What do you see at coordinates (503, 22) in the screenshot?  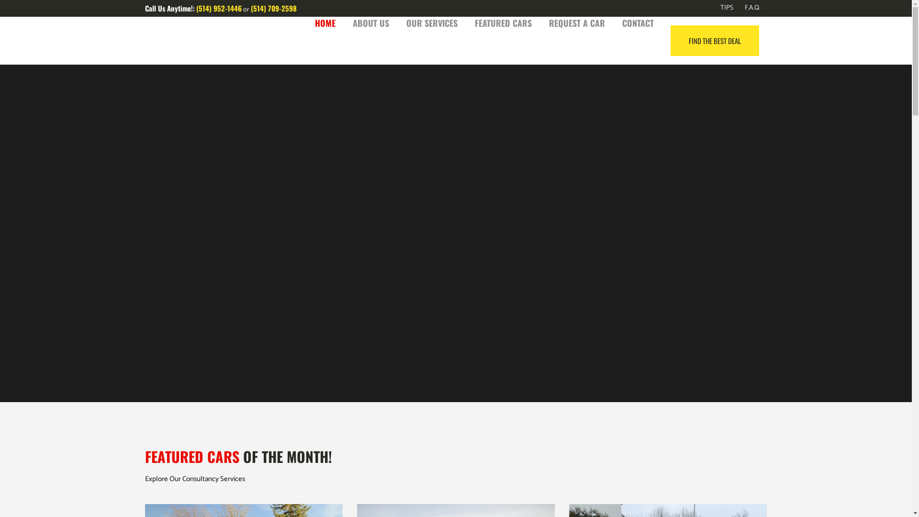 I see `'FEATURED CARS'` at bounding box center [503, 22].